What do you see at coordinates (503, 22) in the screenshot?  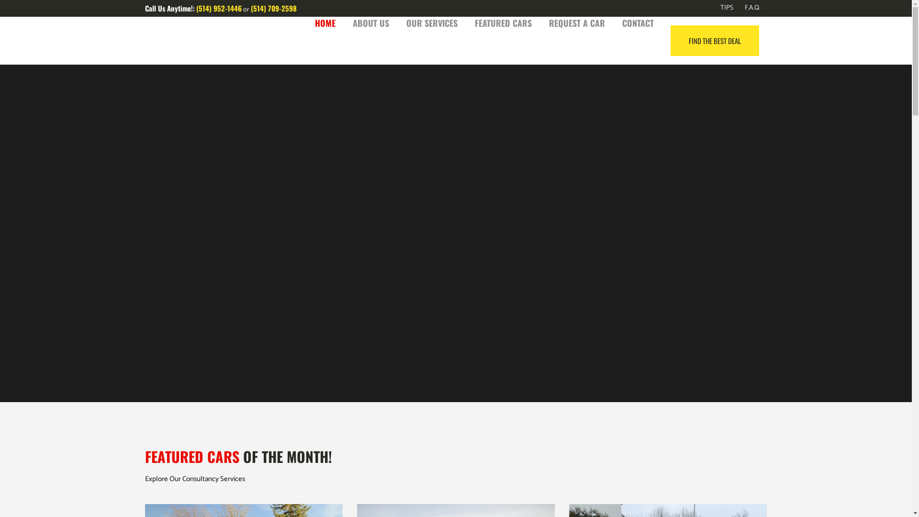 I see `'FEATURED CARS'` at bounding box center [503, 22].